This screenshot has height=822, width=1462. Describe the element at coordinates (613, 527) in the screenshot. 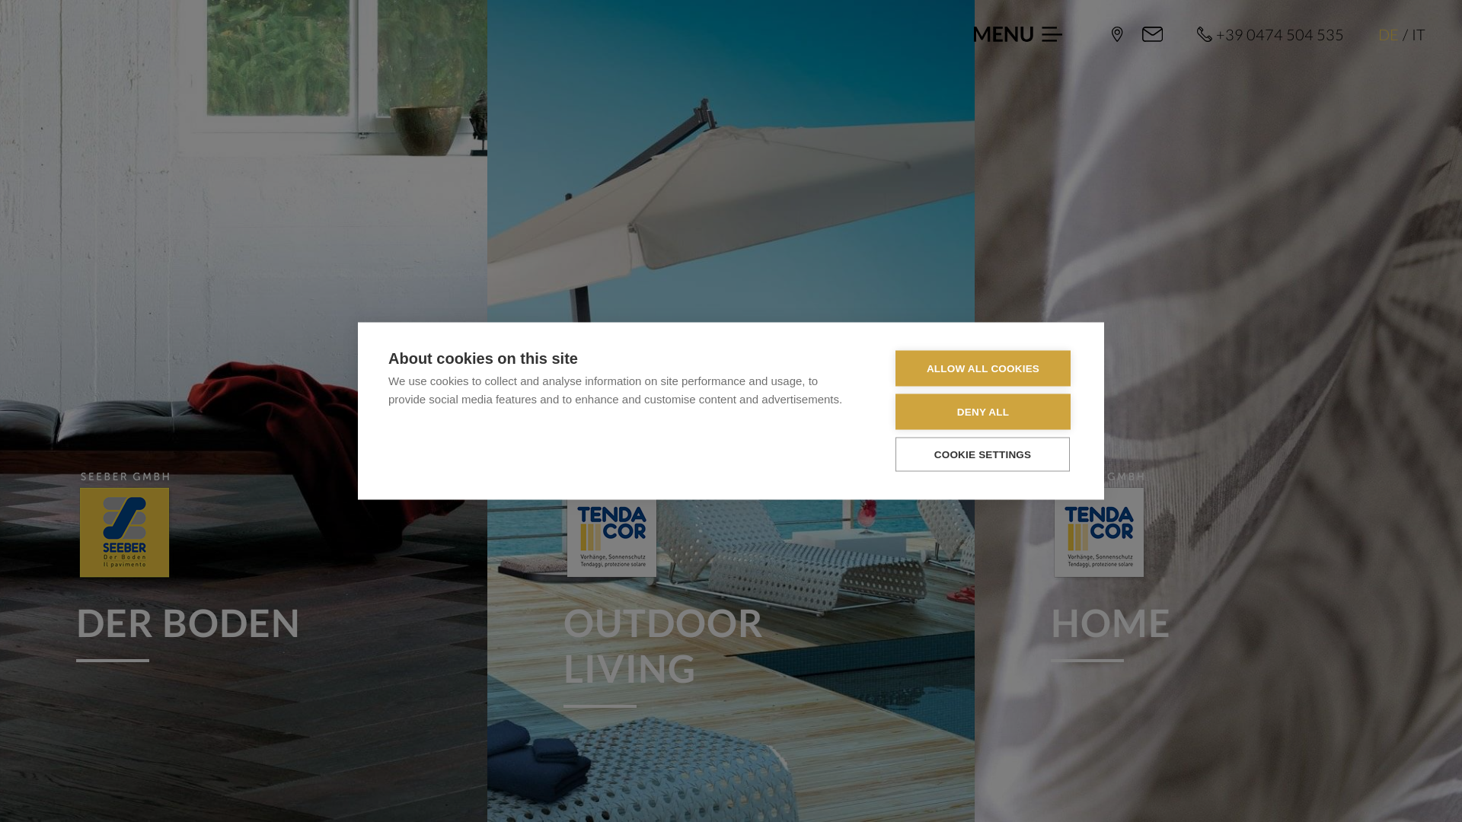

I see `'Outdoor Living'` at that location.